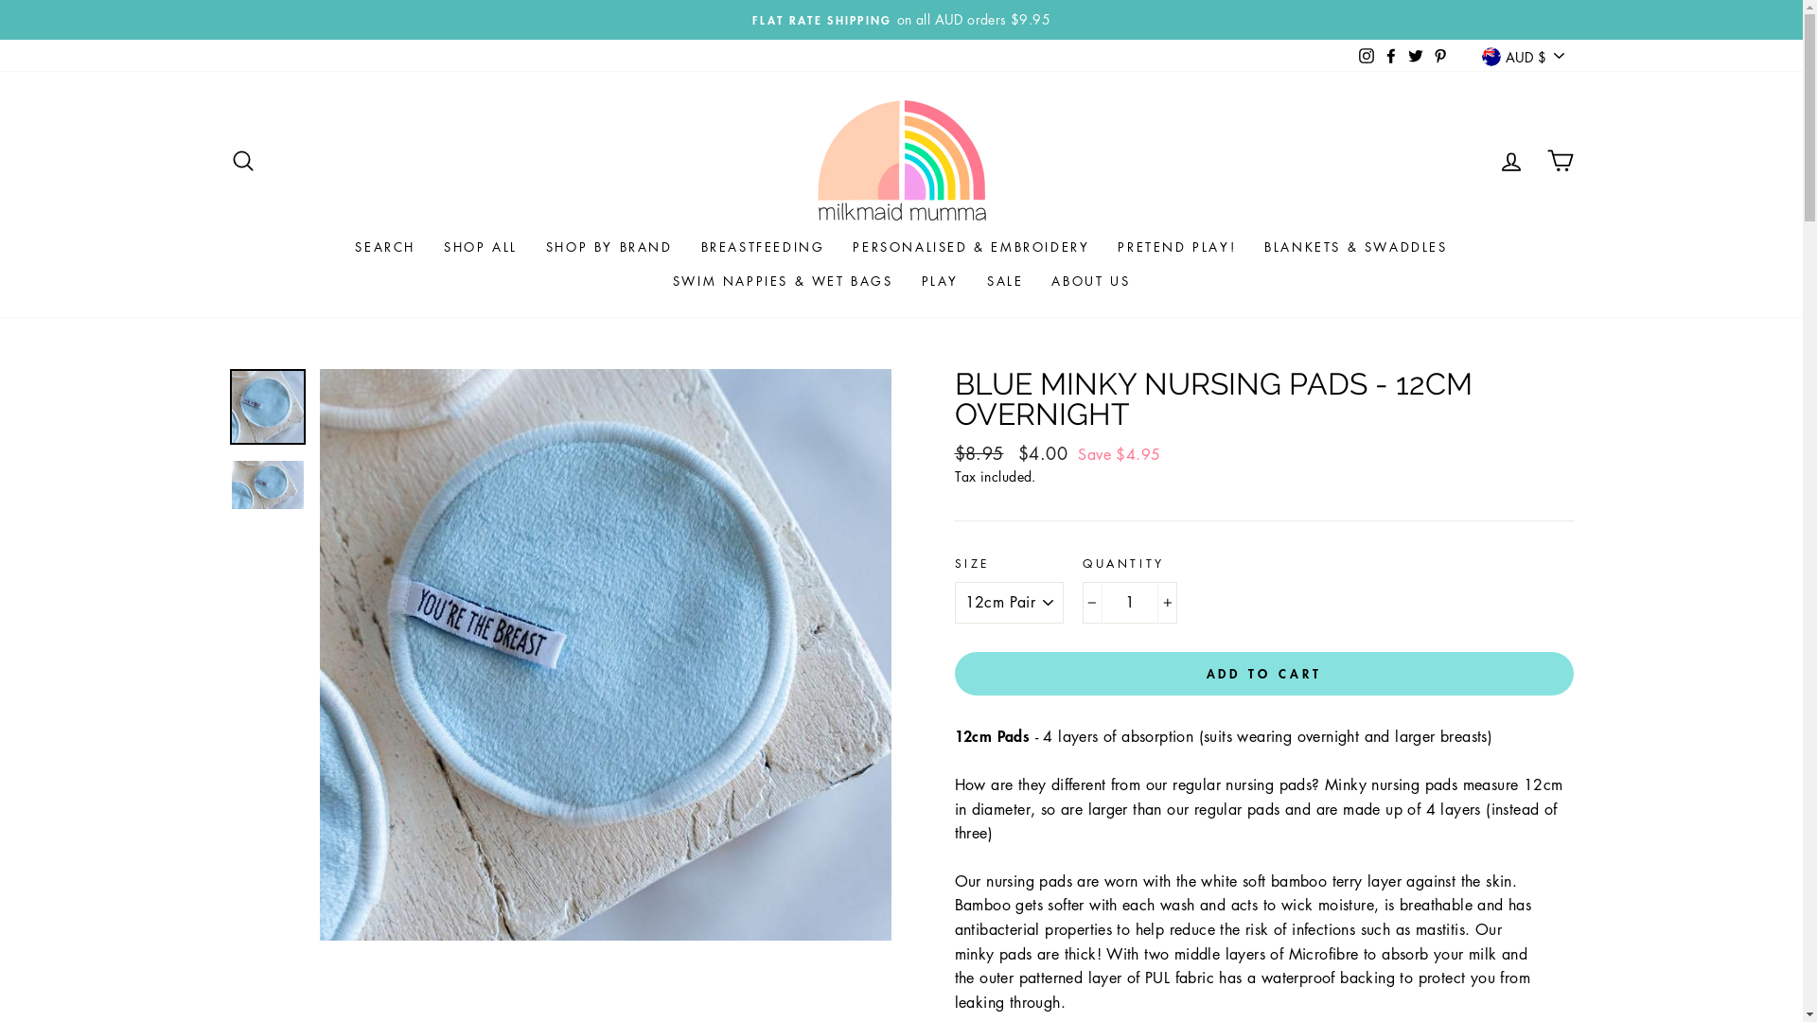  I want to click on 'CART', so click(1559, 159).